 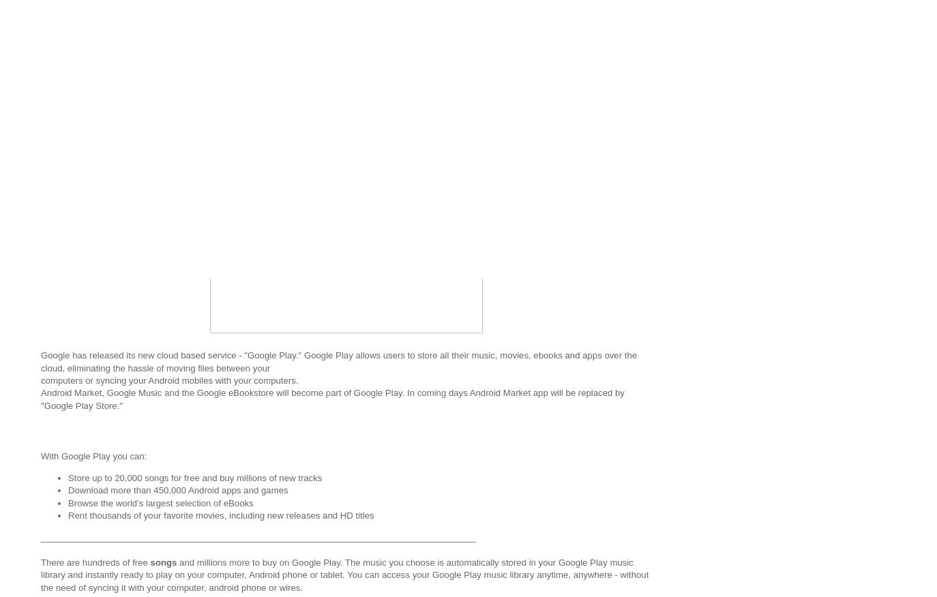 I want to click on 'Wednesday, March 7, 2012', so click(x=115, y=118).